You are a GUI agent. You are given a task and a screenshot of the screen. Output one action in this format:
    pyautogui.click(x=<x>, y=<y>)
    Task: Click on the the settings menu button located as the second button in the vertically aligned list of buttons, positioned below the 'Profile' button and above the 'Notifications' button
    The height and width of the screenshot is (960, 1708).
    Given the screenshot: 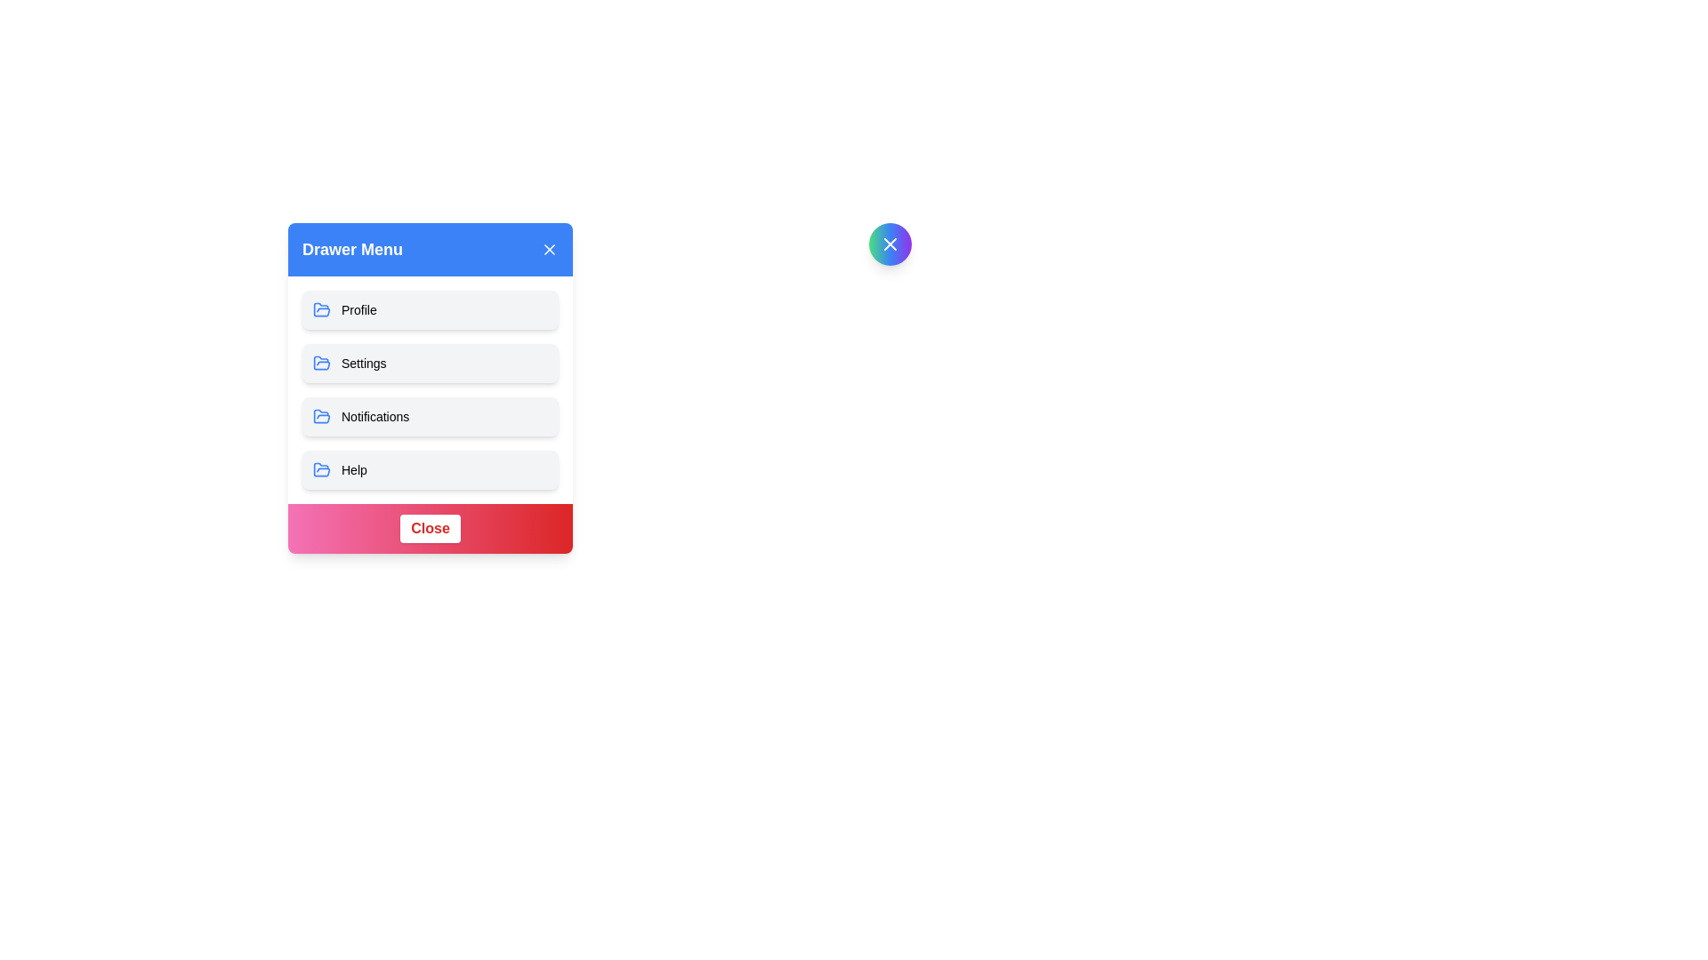 What is the action you would take?
    pyautogui.click(x=431, y=389)
    